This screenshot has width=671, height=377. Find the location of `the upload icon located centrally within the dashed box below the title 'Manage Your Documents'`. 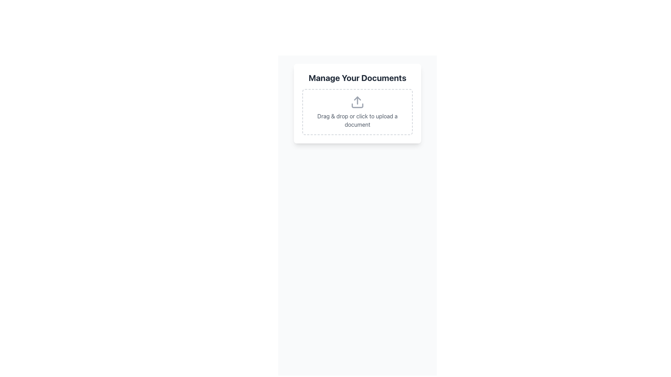

the upload icon located centrally within the dashed box below the title 'Manage Your Documents' is located at coordinates (357, 102).